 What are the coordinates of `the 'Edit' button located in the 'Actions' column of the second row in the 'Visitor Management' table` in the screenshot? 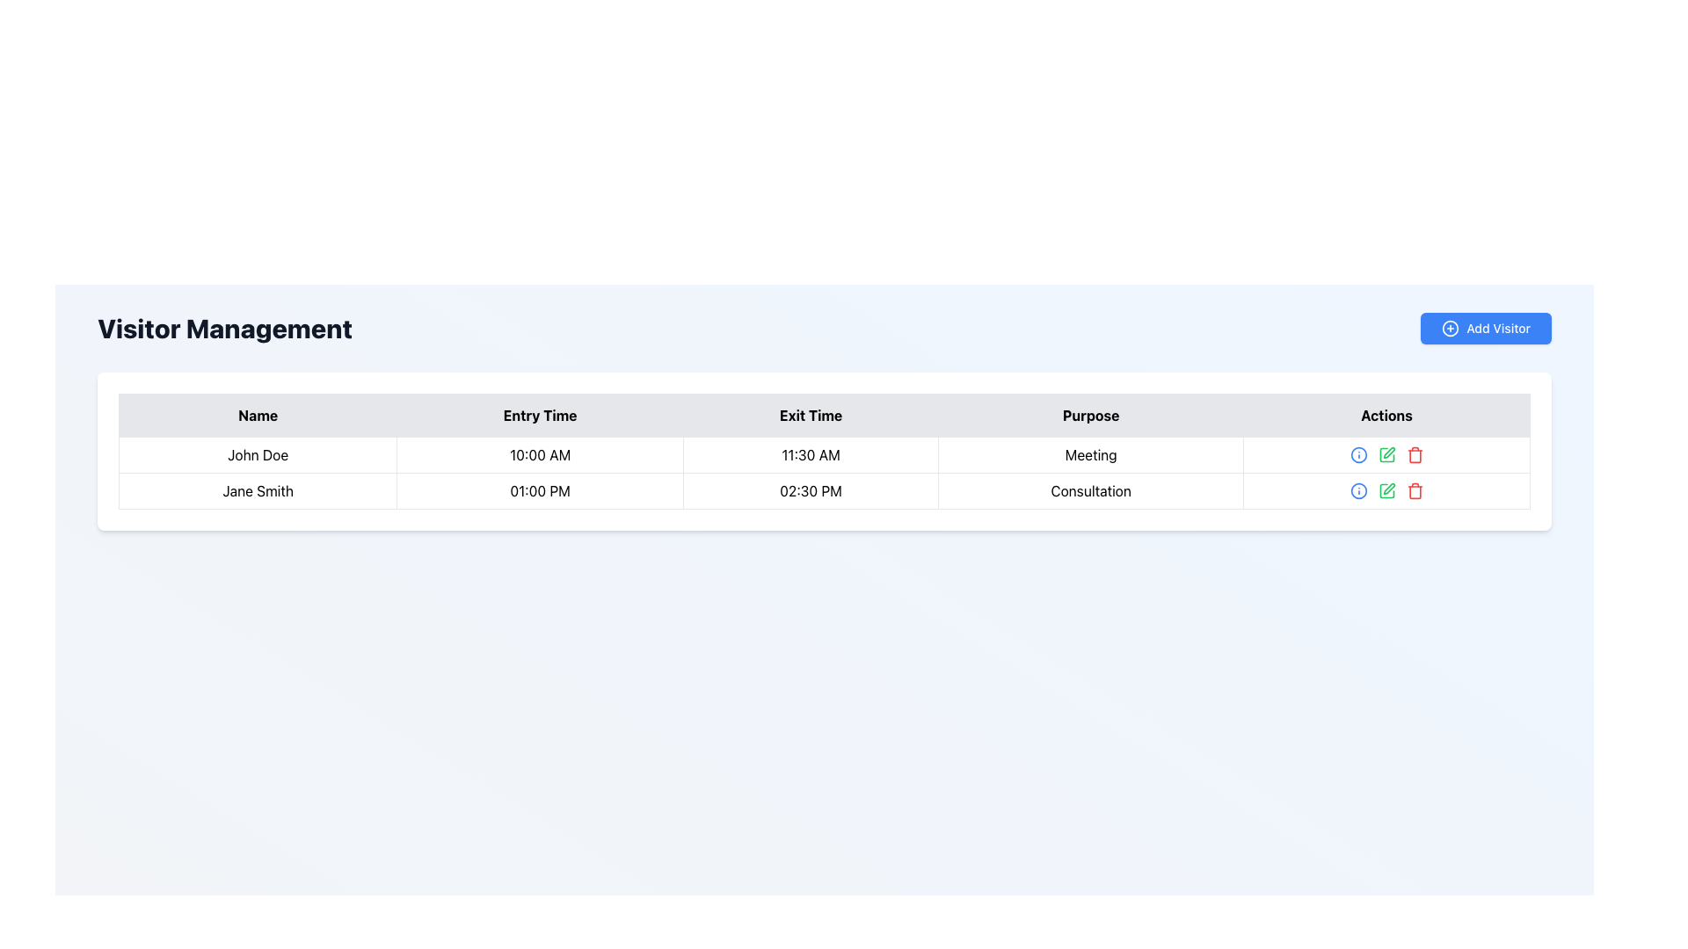 It's located at (1386, 491).